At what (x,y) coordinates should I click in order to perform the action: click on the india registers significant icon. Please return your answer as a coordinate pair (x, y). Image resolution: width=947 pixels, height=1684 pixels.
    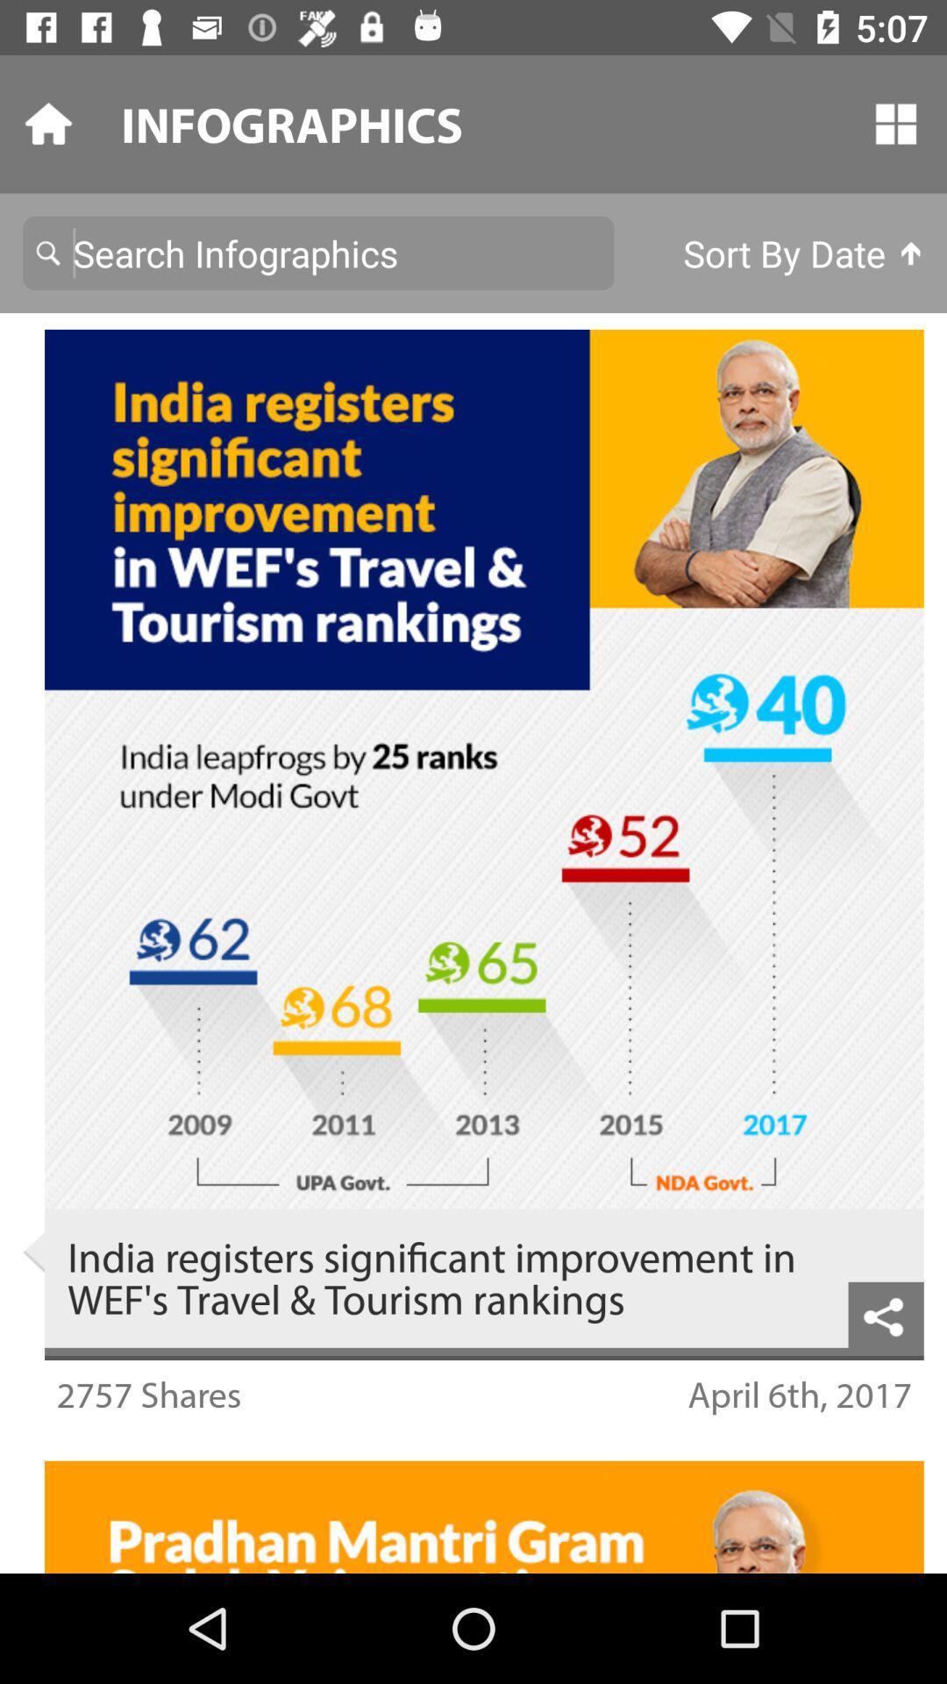
    Looking at the image, I should click on (445, 1278).